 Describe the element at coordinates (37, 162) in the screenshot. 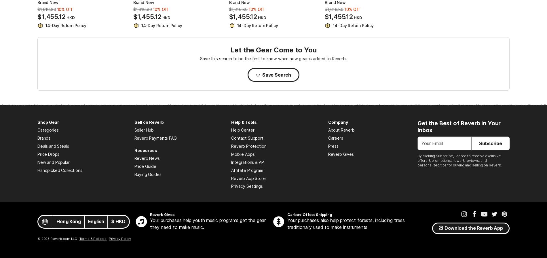

I see `'New and Popular'` at that location.